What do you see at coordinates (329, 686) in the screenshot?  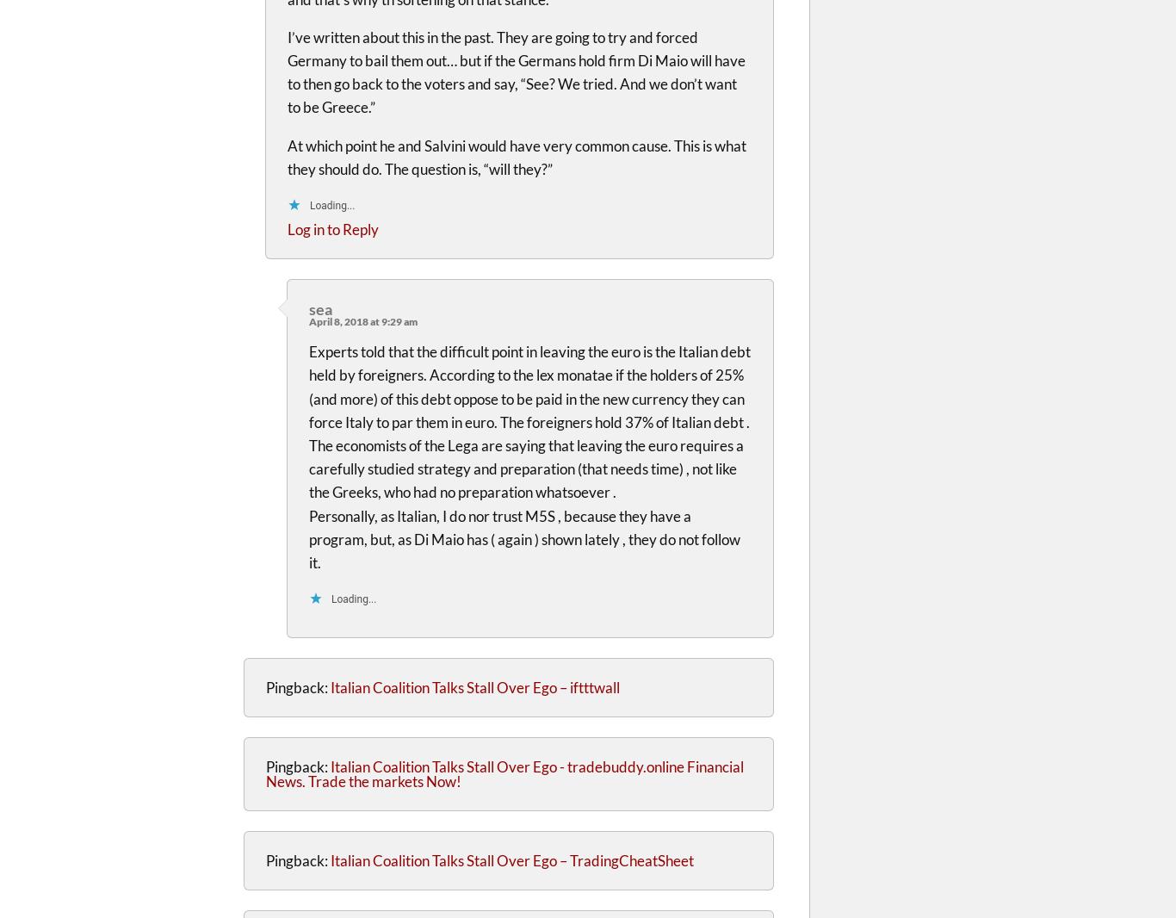 I see `'Italian Coalition Talks Stall Over Ego – iftttwall'` at bounding box center [329, 686].